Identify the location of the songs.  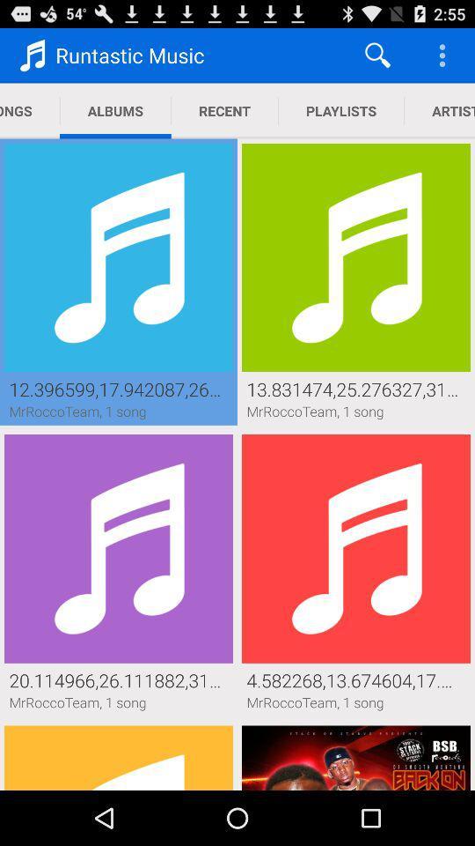
(29, 110).